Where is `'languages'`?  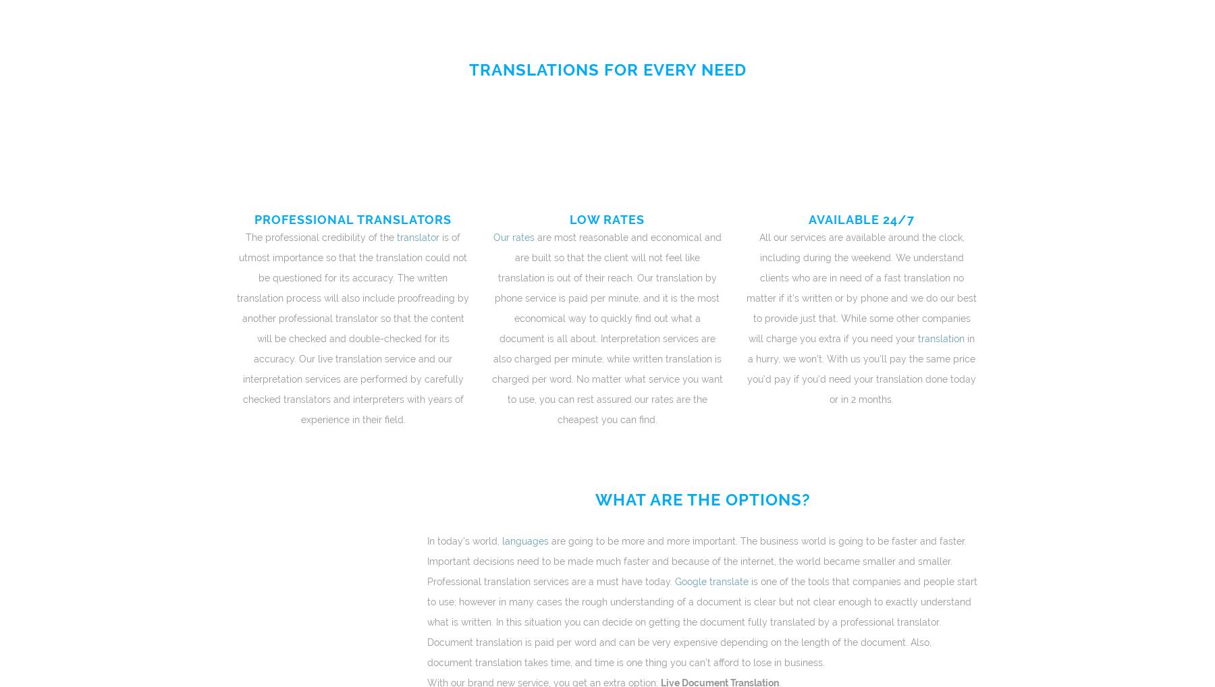
'languages' is located at coordinates (522, 541).